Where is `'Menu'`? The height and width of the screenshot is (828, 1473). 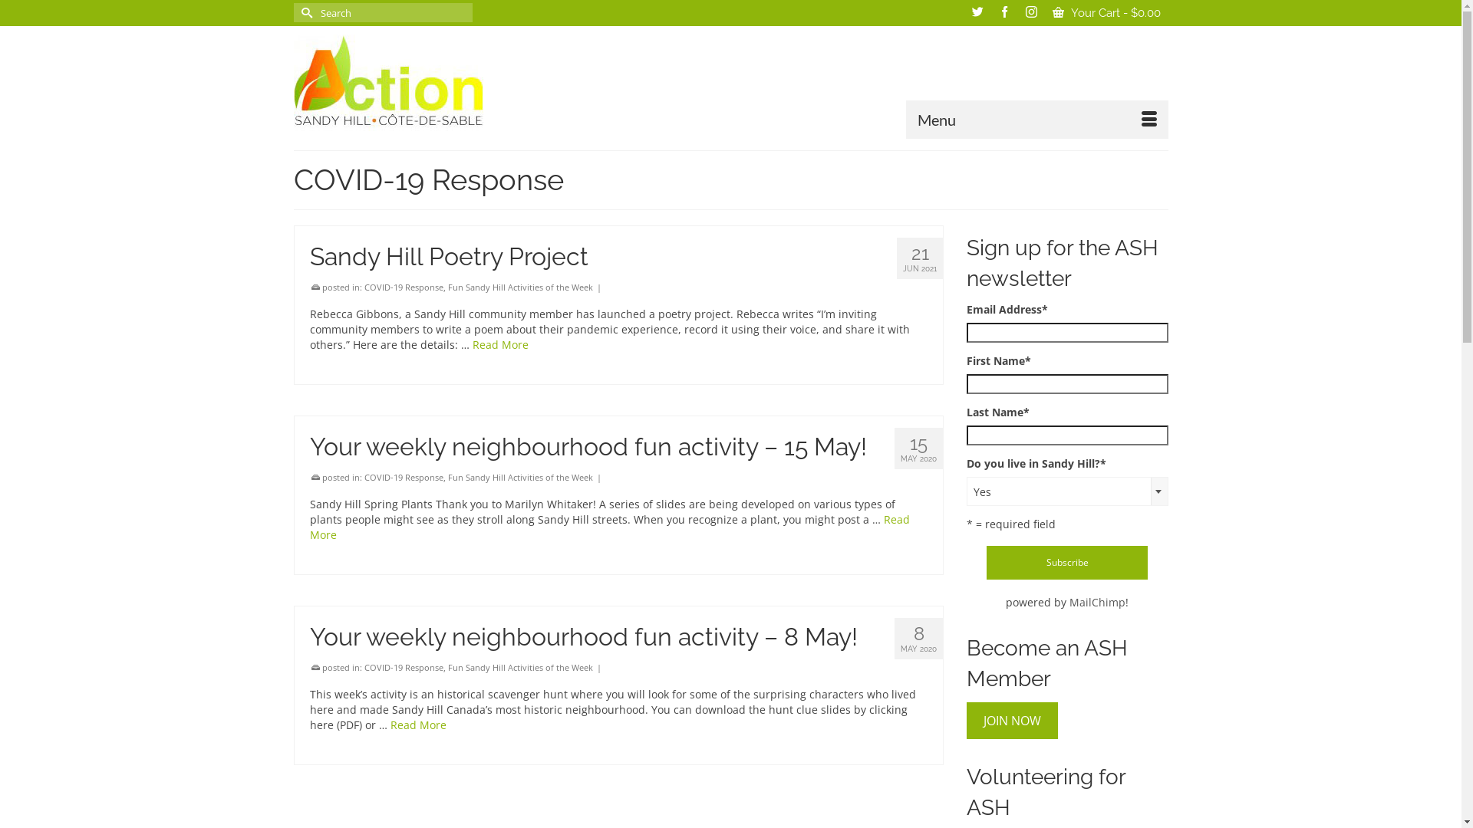 'Menu' is located at coordinates (1036, 118).